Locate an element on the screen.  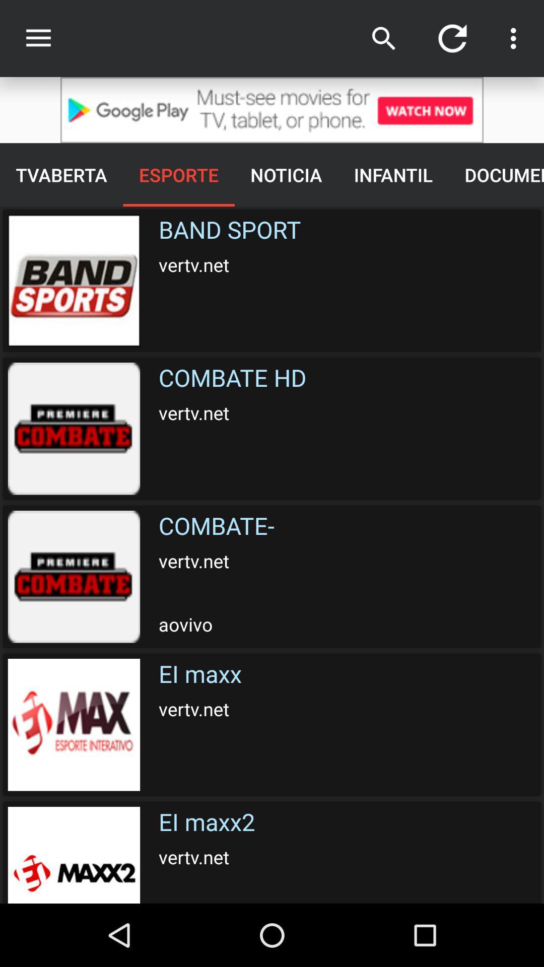
the refresh button is located at coordinates (452, 38).